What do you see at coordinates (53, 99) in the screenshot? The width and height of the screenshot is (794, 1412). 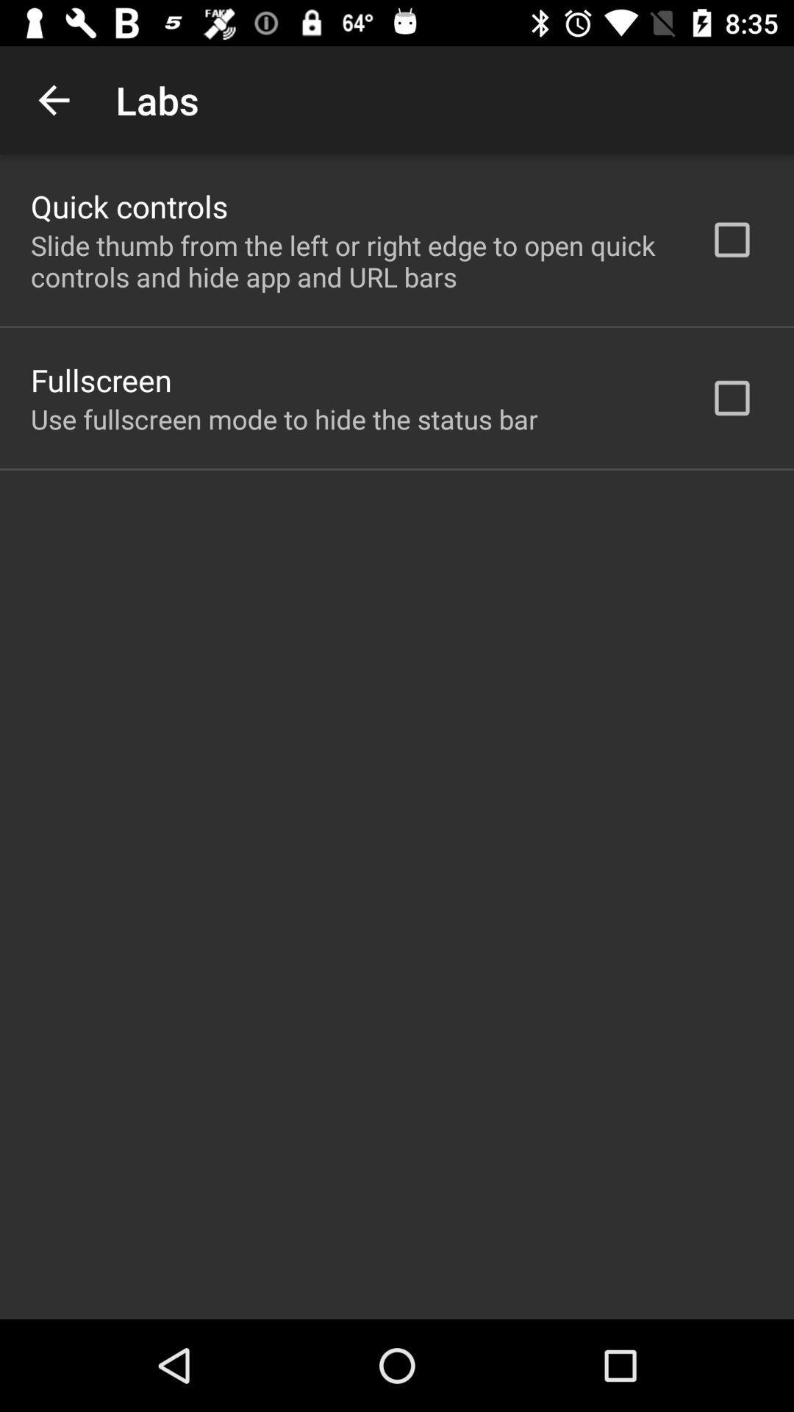 I see `the app above quick controls icon` at bounding box center [53, 99].